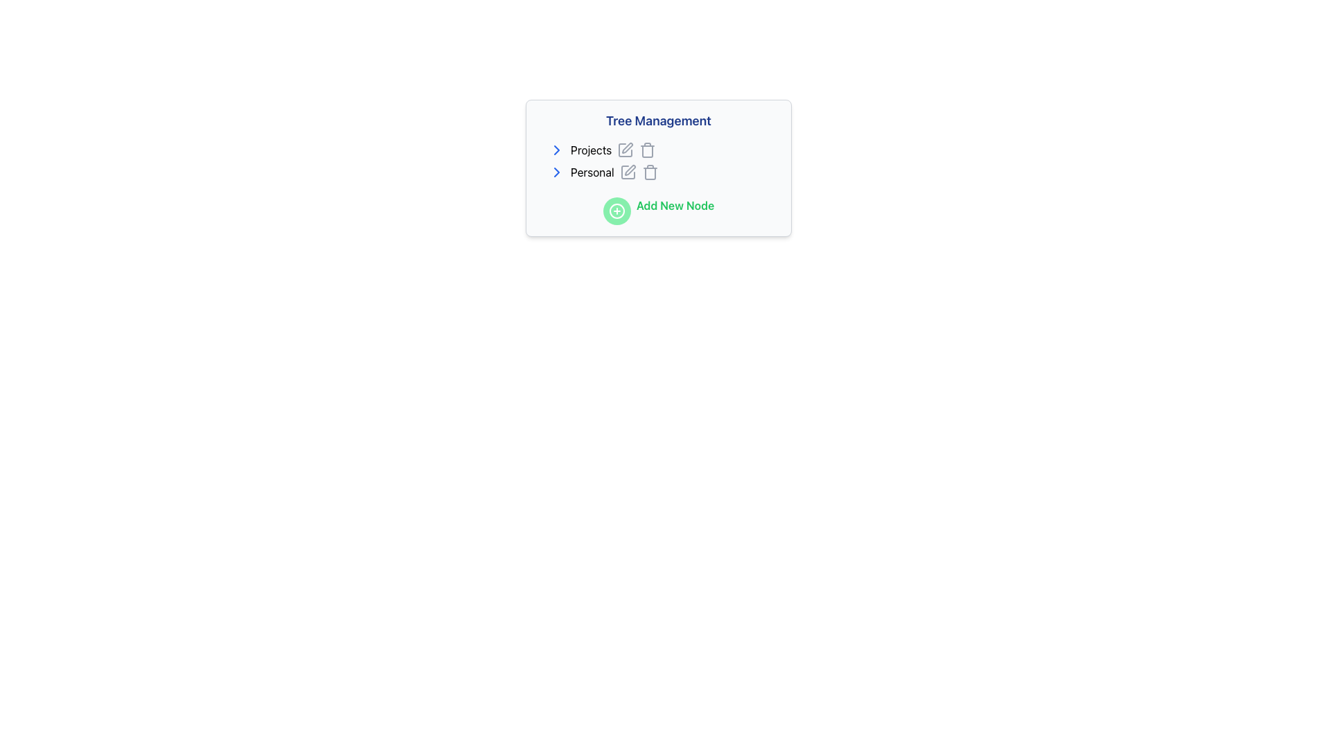 This screenshot has height=748, width=1330. I want to click on the edit icon button for the 'Projects' item in the 'Tree Management' section, which is the first icon in a horizontal group aligned to the right of the 'Projects' row, so click(625, 150).